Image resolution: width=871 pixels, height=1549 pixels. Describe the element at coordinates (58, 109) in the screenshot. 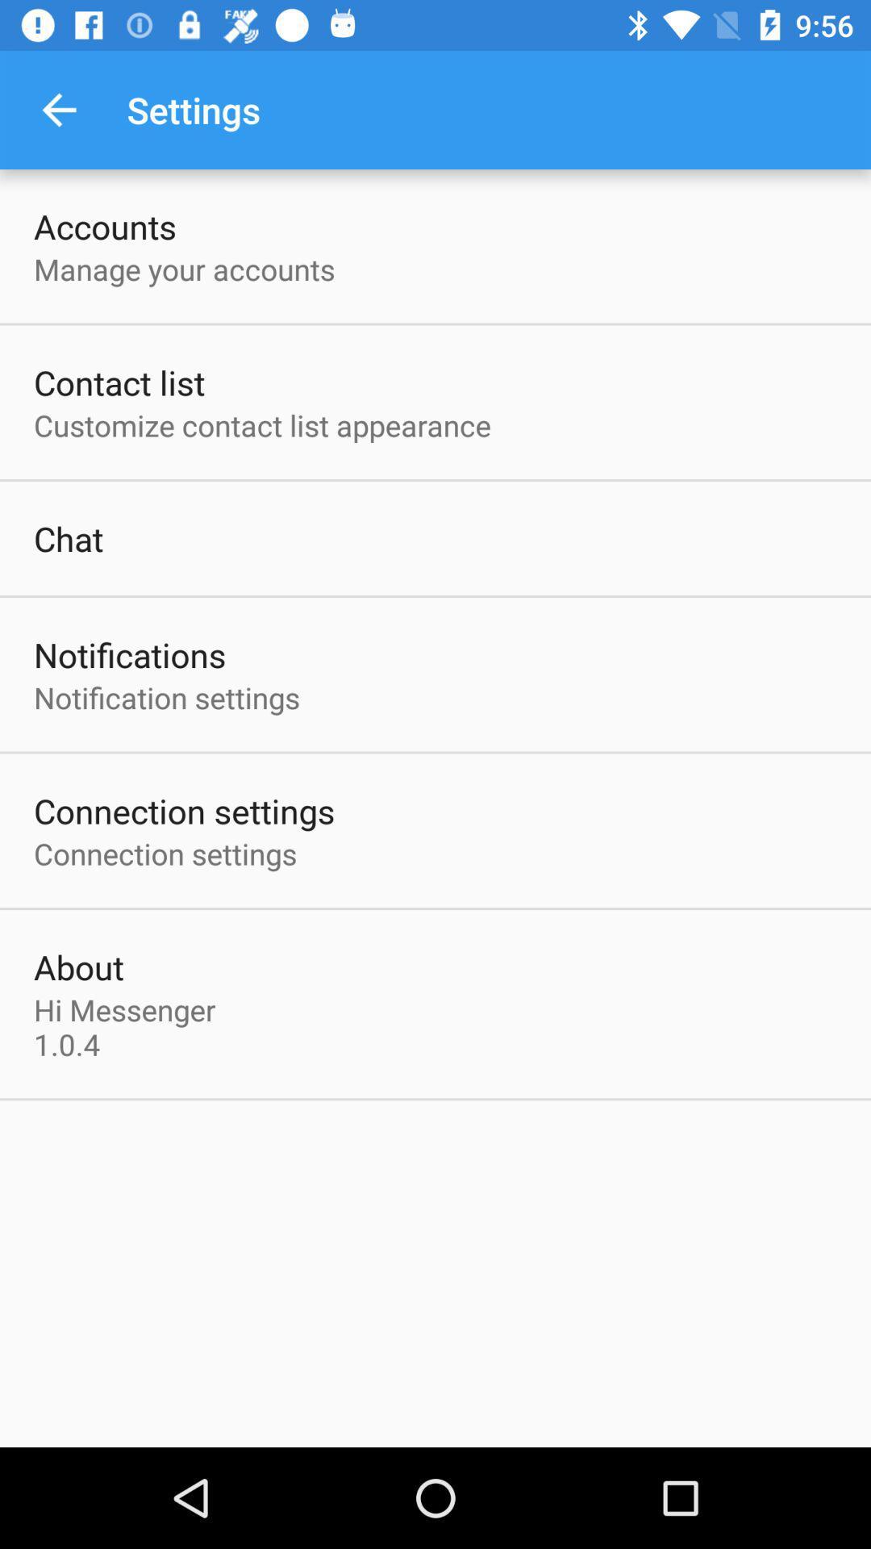

I see `icon above accounts icon` at that location.